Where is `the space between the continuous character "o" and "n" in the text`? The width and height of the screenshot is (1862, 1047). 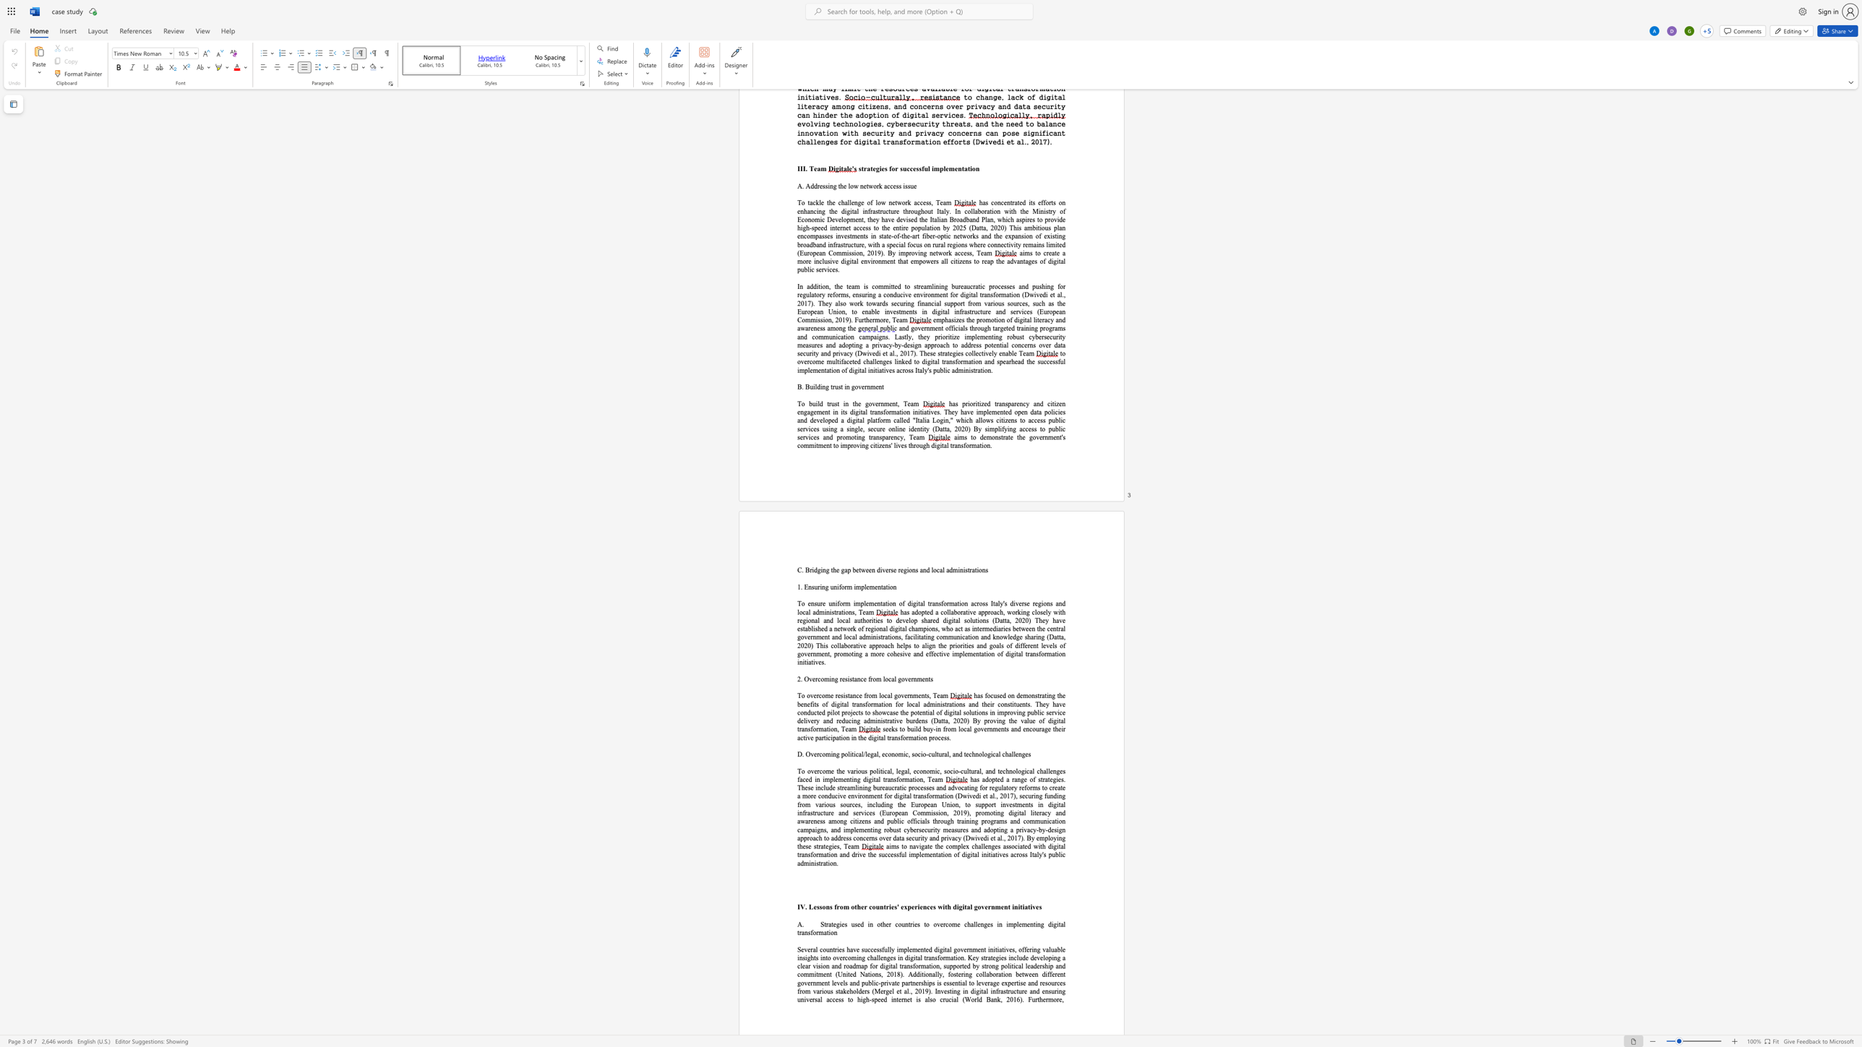 the space between the continuous character "o" and "n" in the text is located at coordinates (825, 965).